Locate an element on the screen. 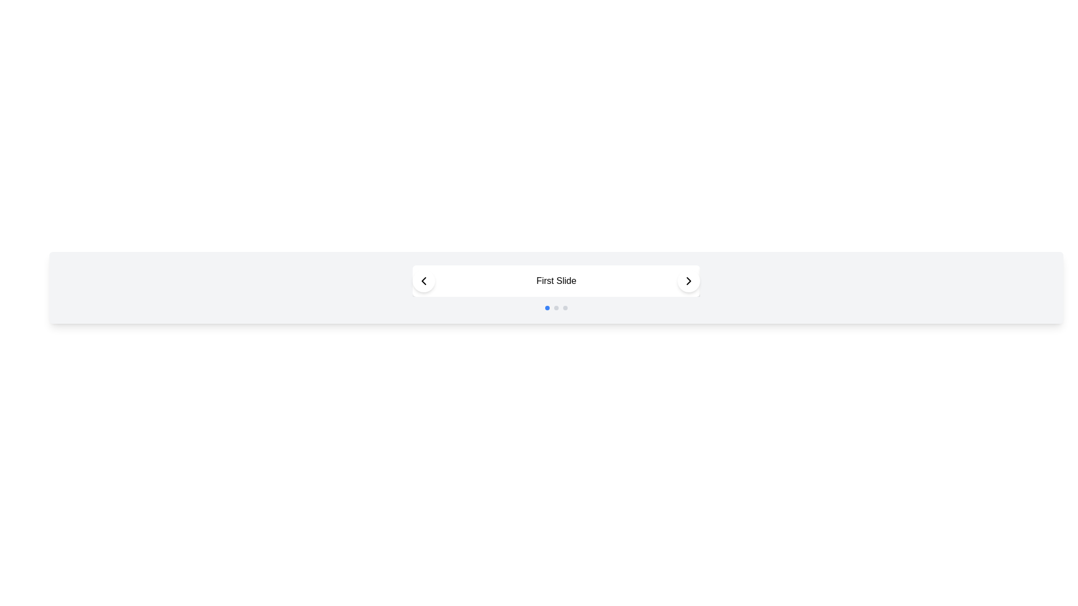 The height and width of the screenshot is (606, 1078). the 'Navigate Left' button located on the left side of the white rectangular box containing the text 'First Slide' is located at coordinates (423, 281).